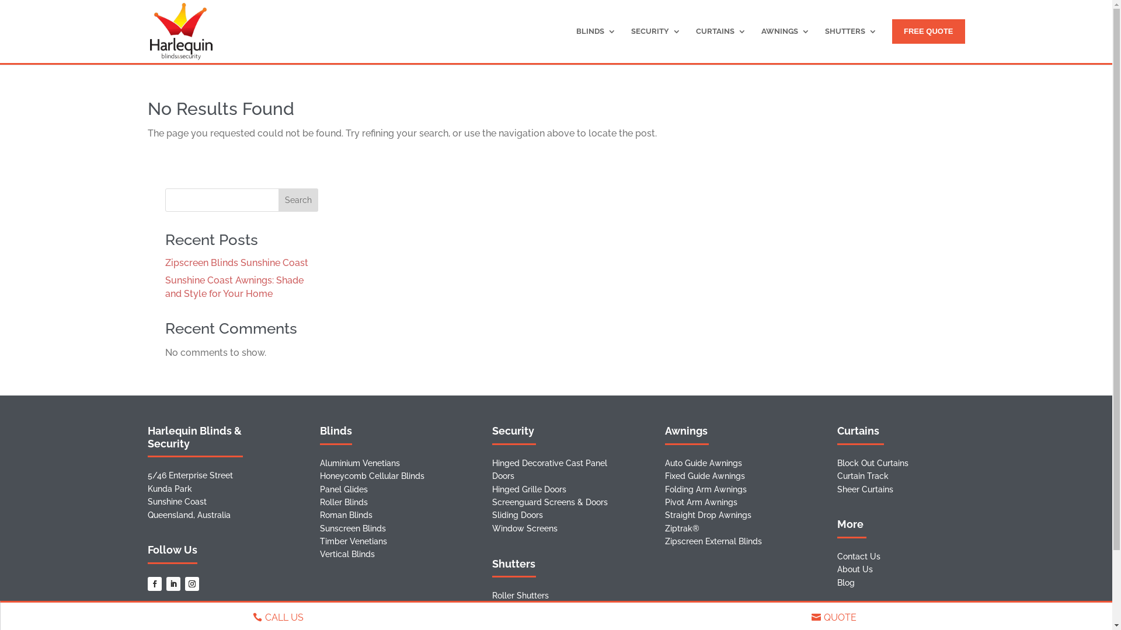 This screenshot has height=630, width=1121. What do you see at coordinates (872, 463) in the screenshot?
I see `'Block Out Curtains'` at bounding box center [872, 463].